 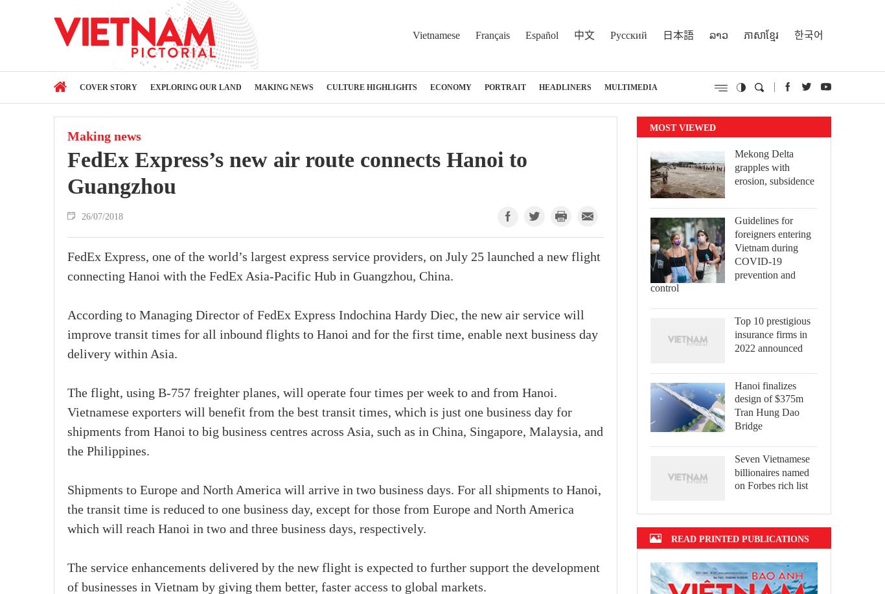 I want to click on '26/07/2018', so click(x=102, y=215).